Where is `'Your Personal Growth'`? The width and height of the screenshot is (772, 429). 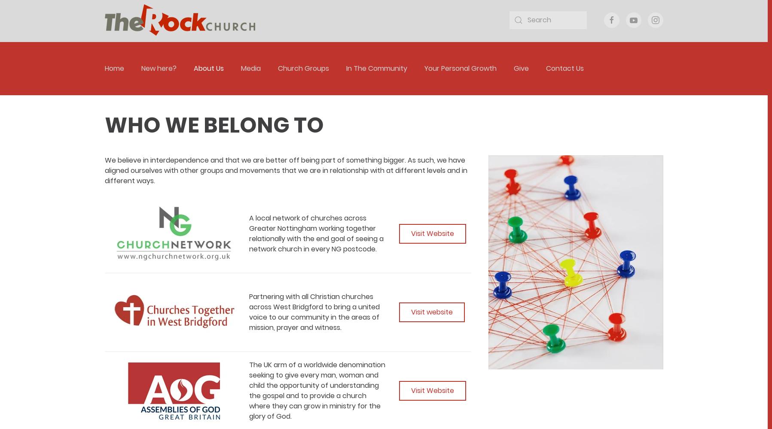
'Your Personal Growth' is located at coordinates (460, 68).